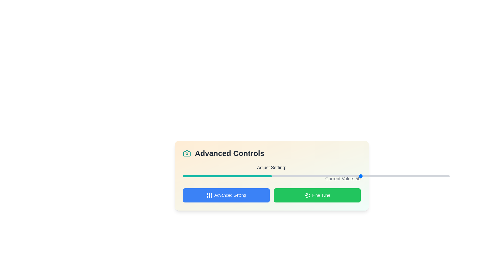 This screenshot has height=273, width=485. I want to click on the 'Advanced Setting' text label within the blue button for accessibility purposes, so click(230, 195).